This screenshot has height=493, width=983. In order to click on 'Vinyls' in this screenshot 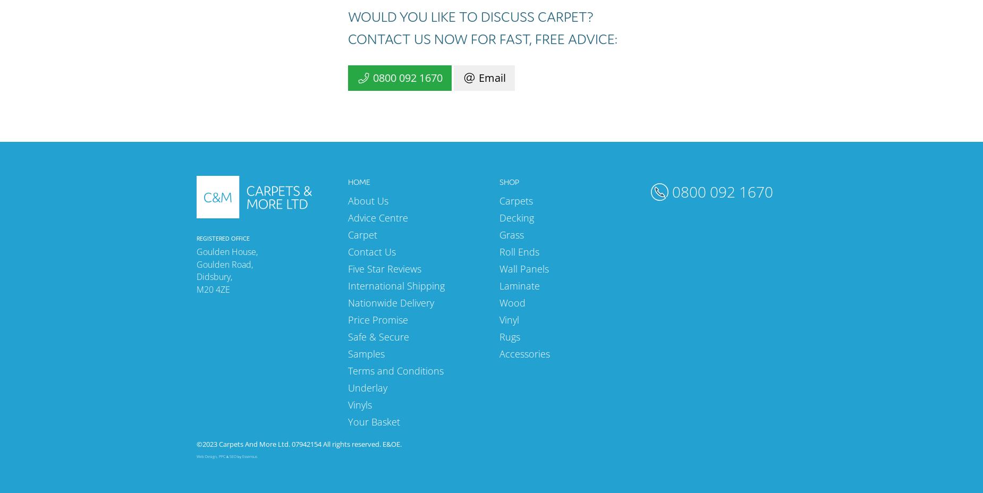, I will do `click(360, 403)`.